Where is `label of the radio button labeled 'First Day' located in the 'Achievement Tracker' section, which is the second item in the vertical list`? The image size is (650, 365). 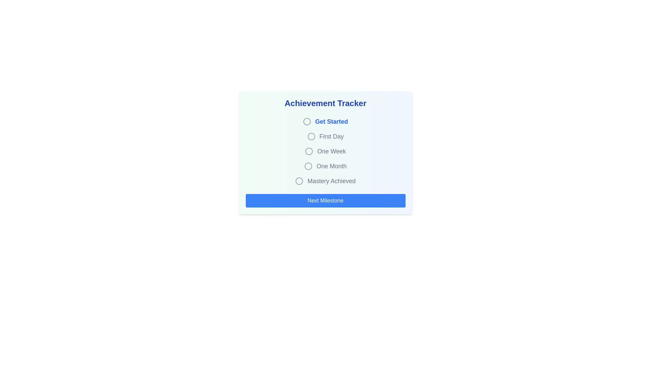 label of the radio button labeled 'First Day' located in the 'Achievement Tracker' section, which is the second item in the vertical list is located at coordinates (325, 137).